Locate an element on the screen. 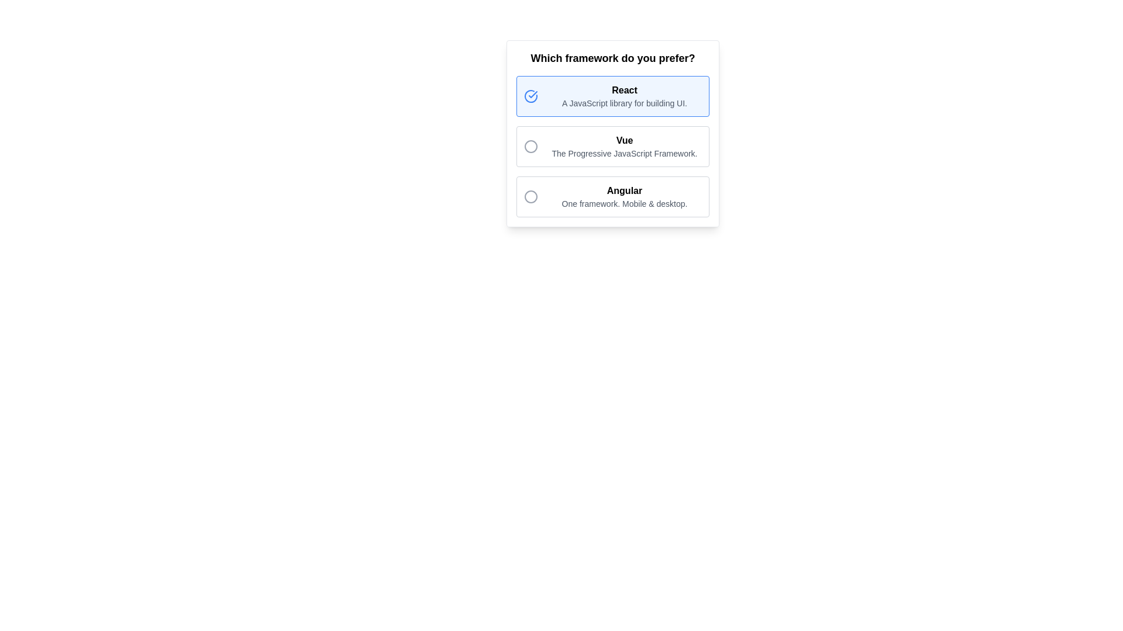 Image resolution: width=1123 pixels, height=631 pixels. description text label located below the heading 'Vue' in the selection menu, which serves as a brief description or tagline for the Vue framework is located at coordinates (624, 152).